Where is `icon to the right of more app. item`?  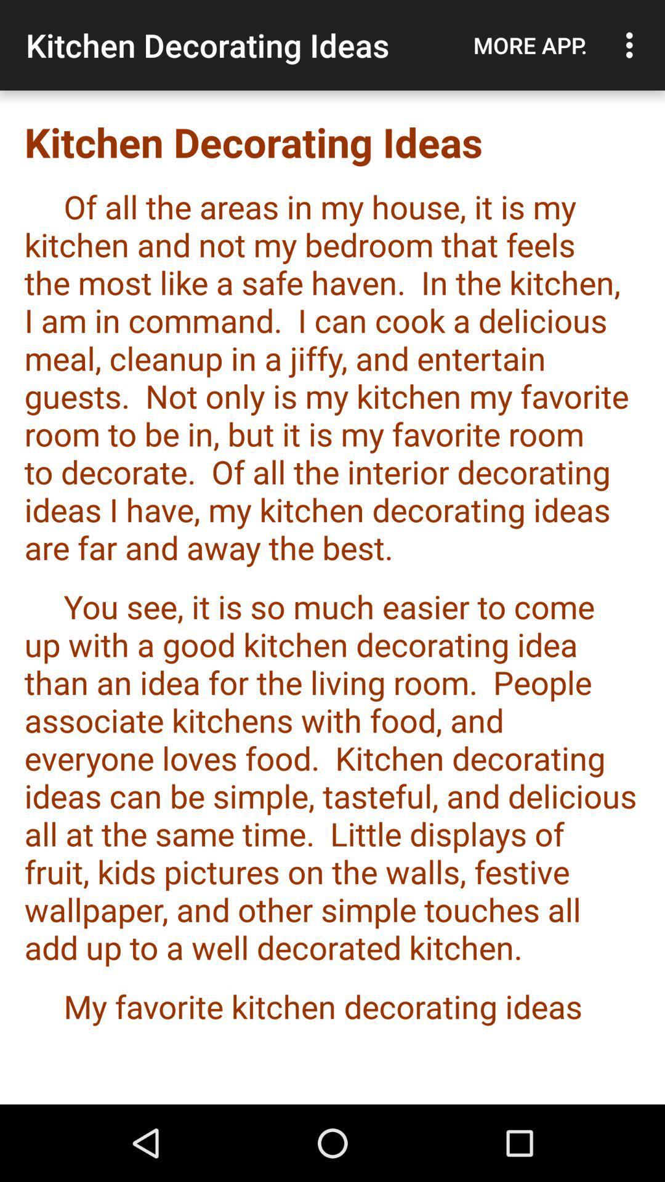 icon to the right of more app. item is located at coordinates (632, 45).